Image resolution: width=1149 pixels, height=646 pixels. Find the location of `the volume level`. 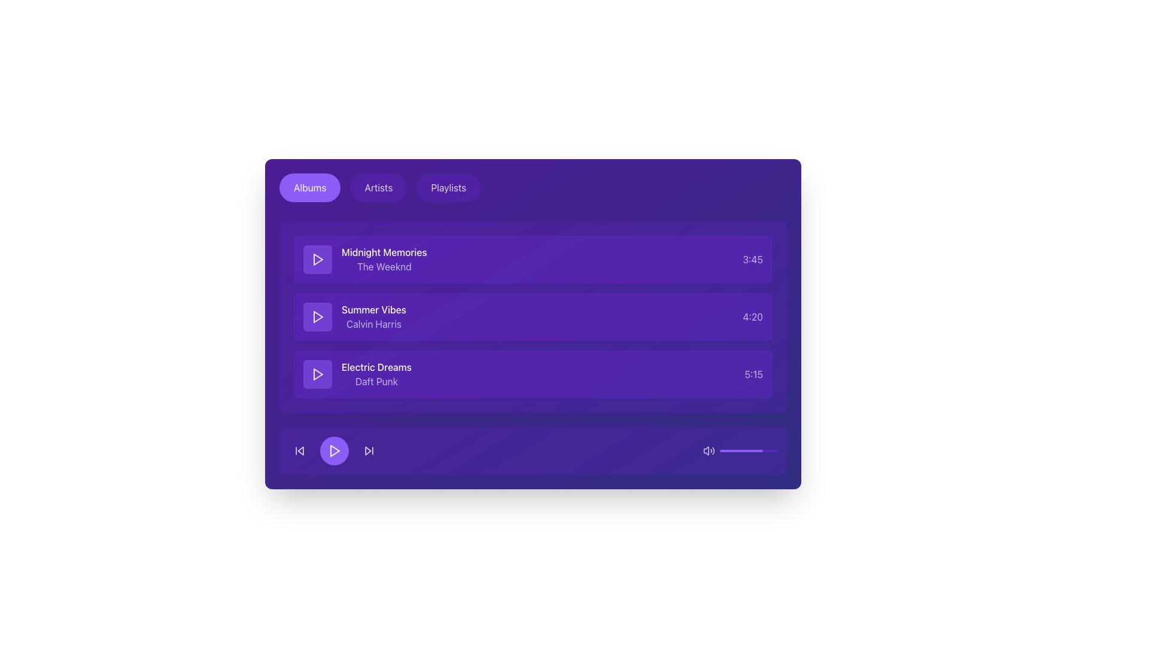

the volume level is located at coordinates (774, 450).